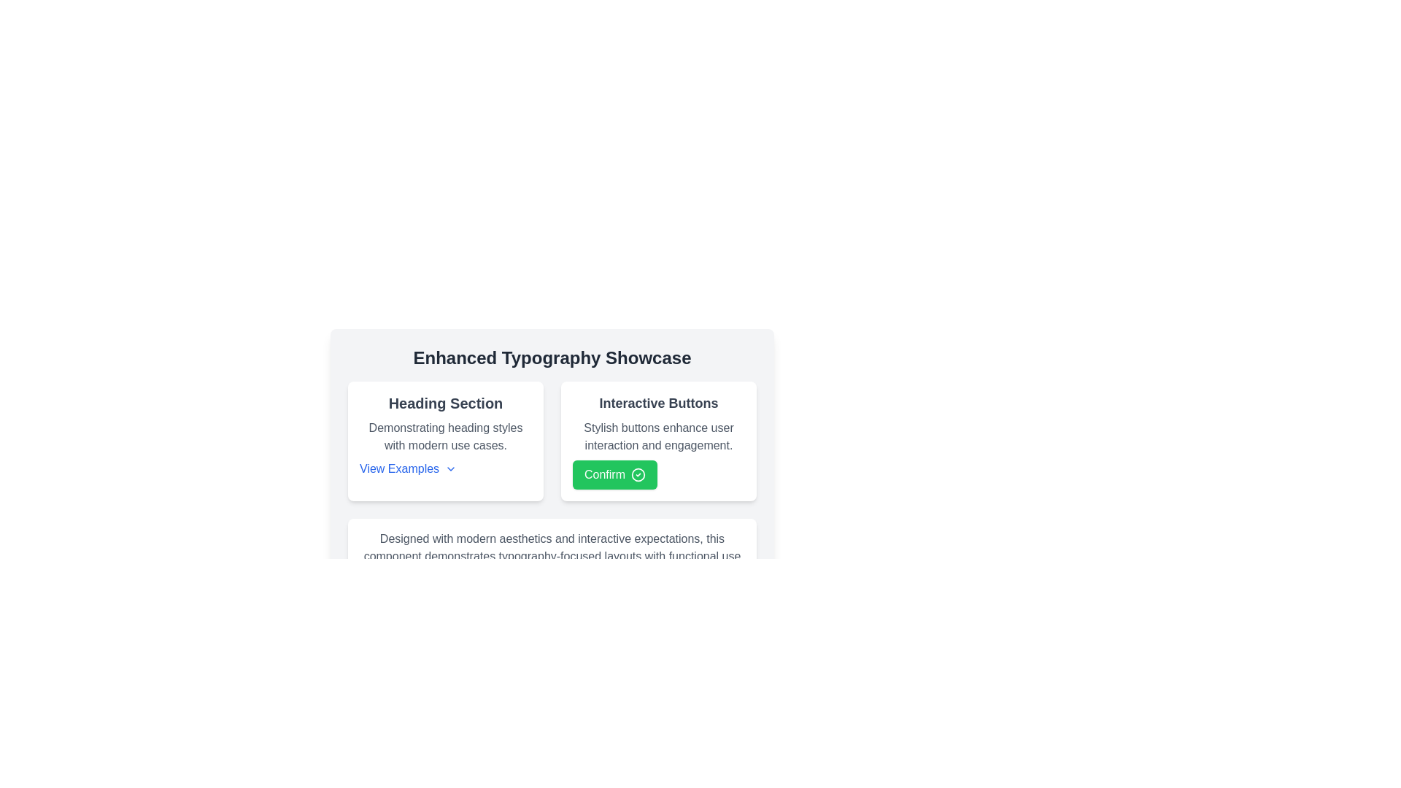  Describe the element at coordinates (638, 475) in the screenshot. I see `circular icon with a green background and white checkmark located at the center-right of the 'Confirm' button to gather details` at that location.